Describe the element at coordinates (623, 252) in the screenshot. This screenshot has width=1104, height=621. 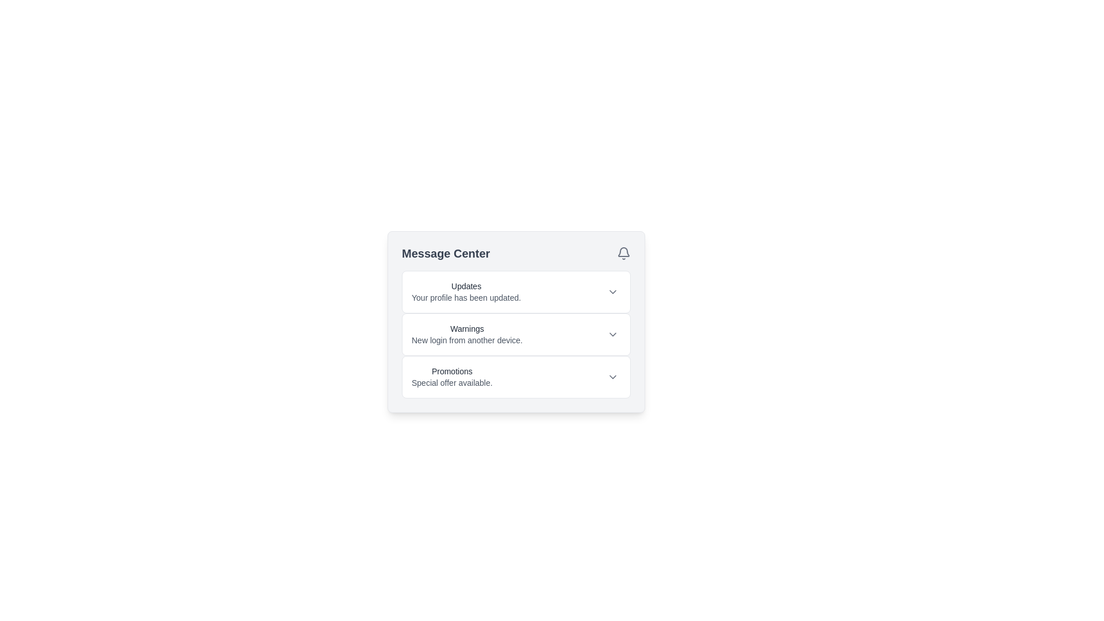
I see `Notification icon (bell icon) located in the top-right corner of the header section, adjacent to the 'Message Center' text, as part of the visual layout` at that location.